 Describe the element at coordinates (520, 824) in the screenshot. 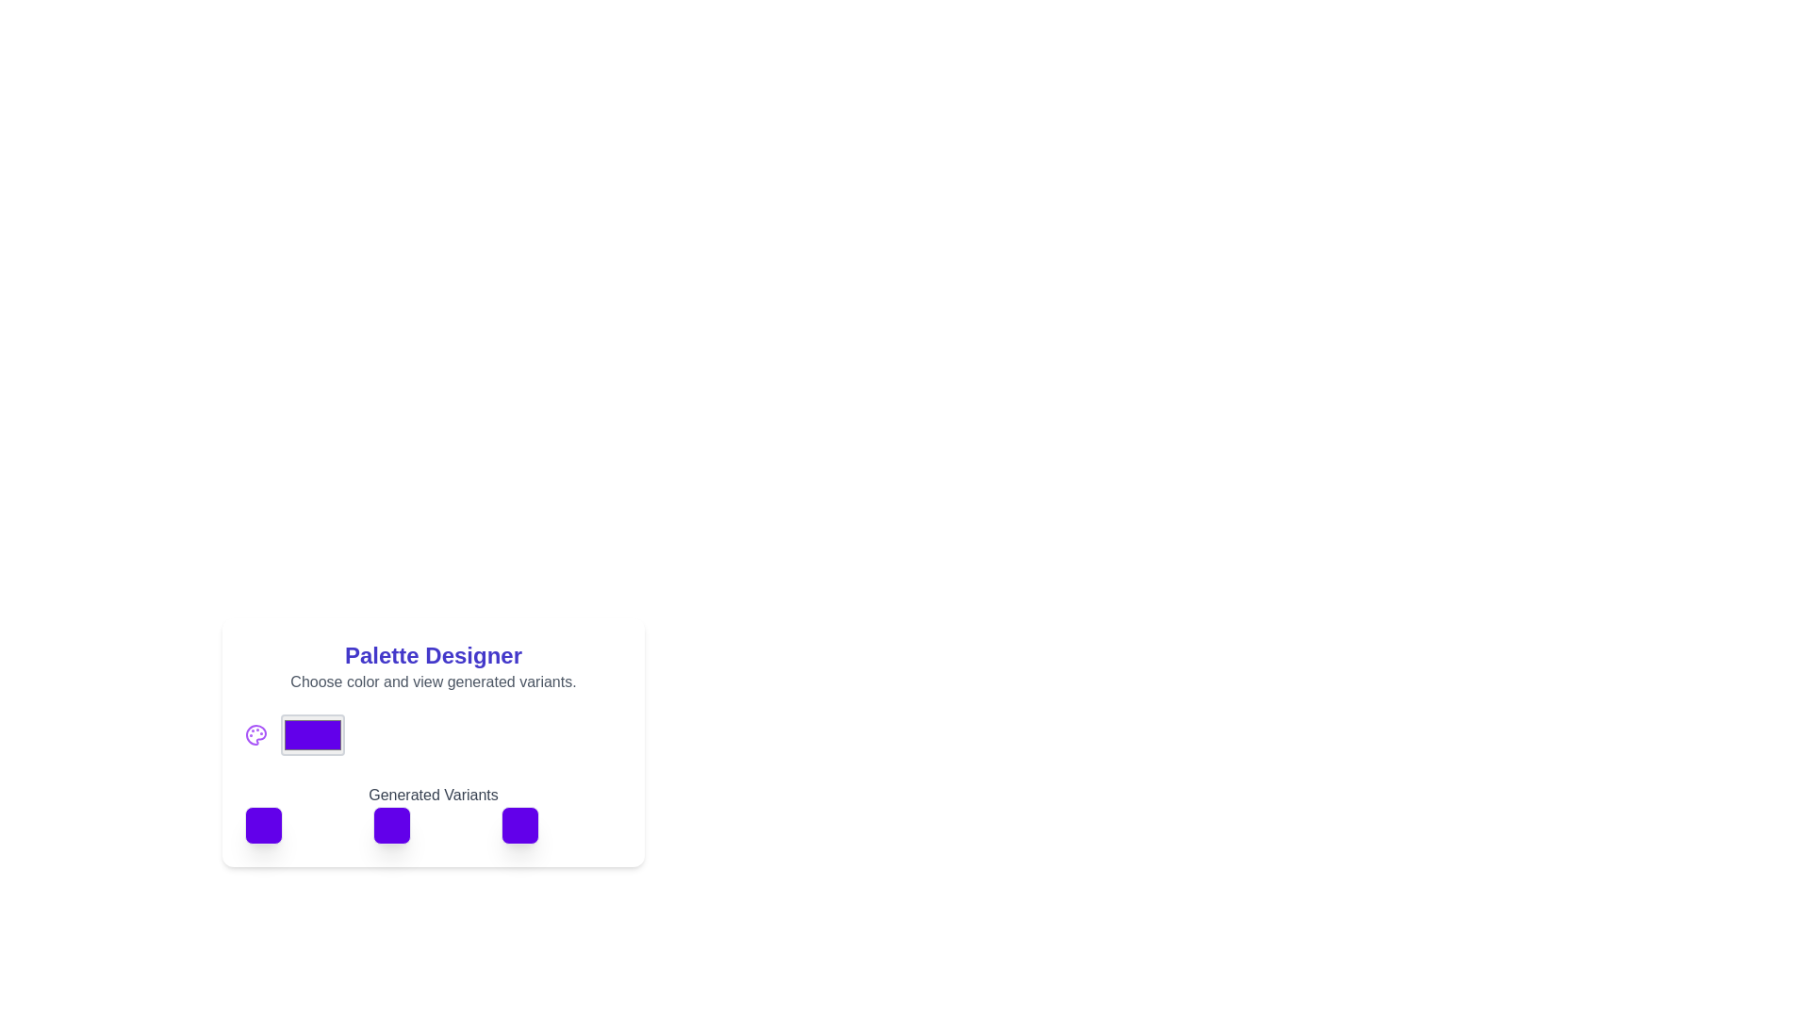

I see `the third purple square in the 'Generated Variants' section of the card, which represents a color choice or visual variant` at that location.